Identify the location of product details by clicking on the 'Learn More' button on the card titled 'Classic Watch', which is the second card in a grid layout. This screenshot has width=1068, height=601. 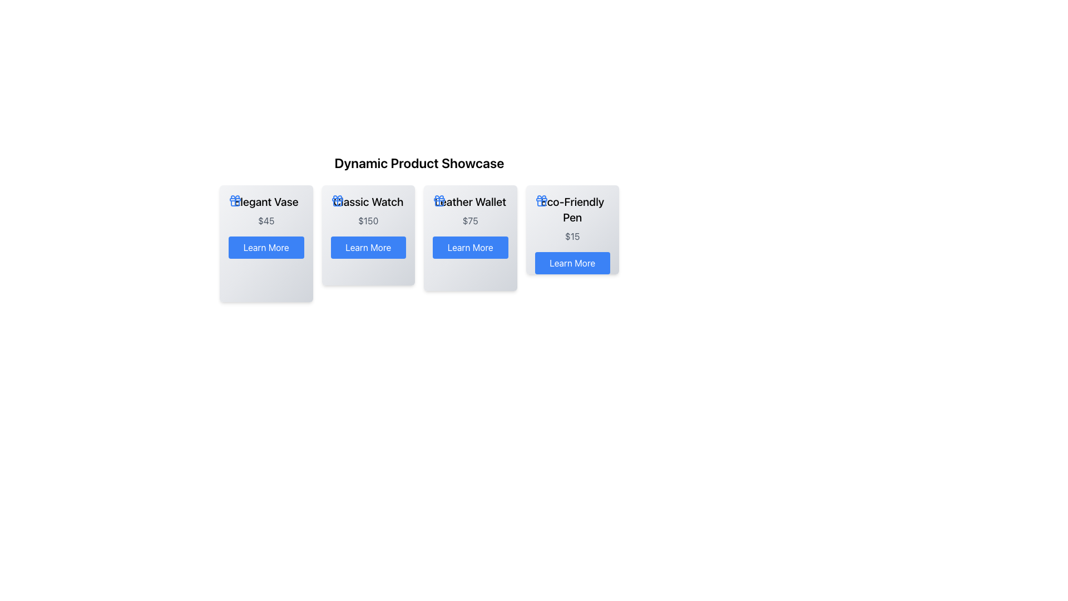
(368, 235).